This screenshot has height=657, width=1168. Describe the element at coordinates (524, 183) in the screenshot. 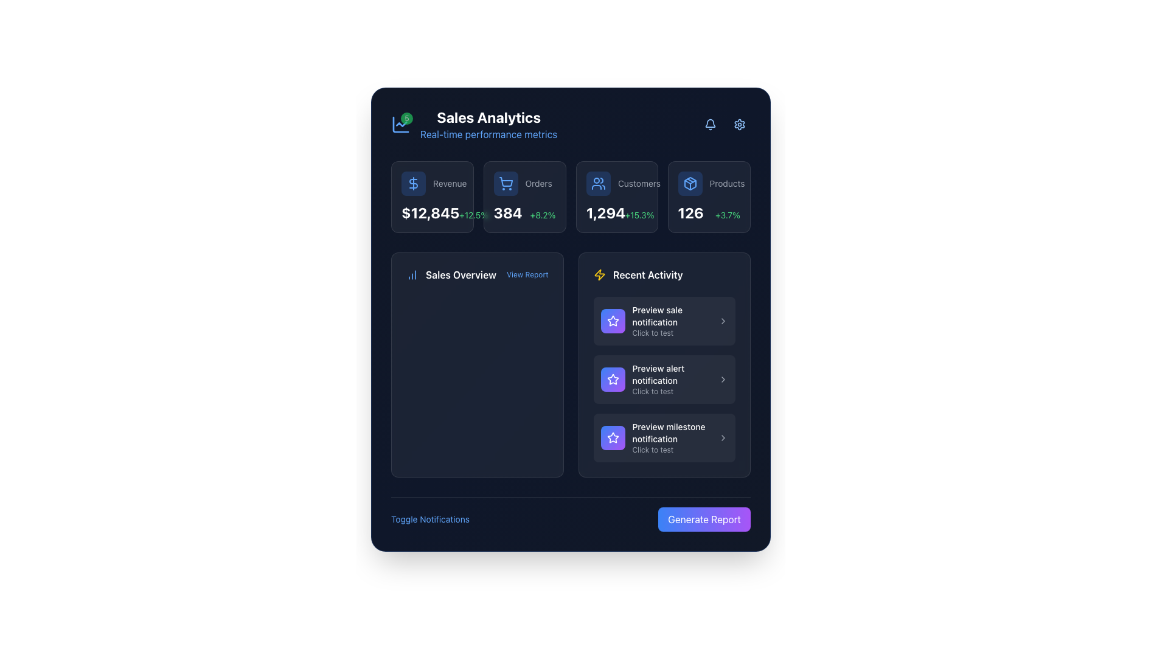

I see `the 'Orders' text label located in the top central area of the interface, which identifies the data category presented in the related card` at that location.